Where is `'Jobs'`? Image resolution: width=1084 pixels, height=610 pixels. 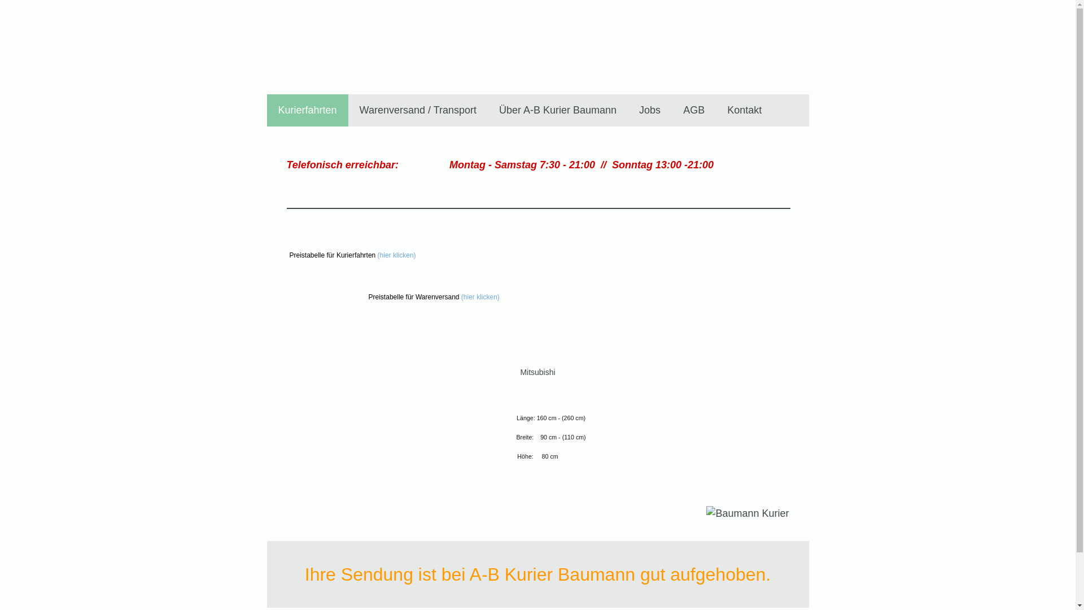 'Jobs' is located at coordinates (650, 110).